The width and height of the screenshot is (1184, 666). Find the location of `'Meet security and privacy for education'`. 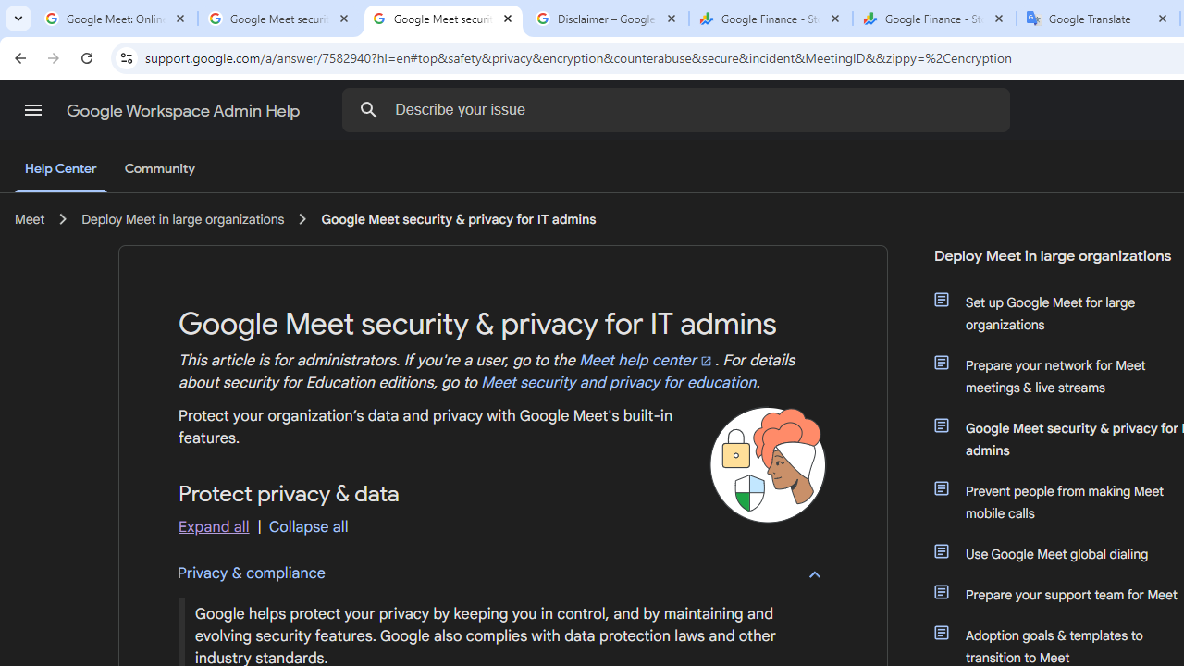

'Meet security and privacy for education' is located at coordinates (618, 381).